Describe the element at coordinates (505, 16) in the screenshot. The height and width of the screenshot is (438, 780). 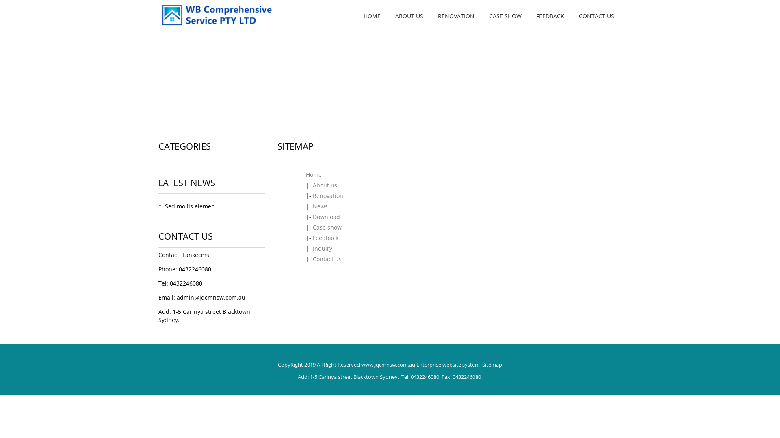
I see `'CASE SHOW'` at that location.